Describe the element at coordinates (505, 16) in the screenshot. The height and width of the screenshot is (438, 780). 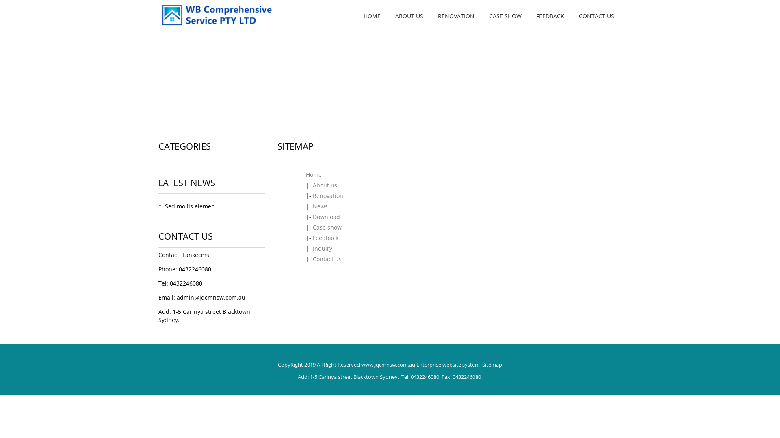
I see `'CASE SHOW'` at that location.